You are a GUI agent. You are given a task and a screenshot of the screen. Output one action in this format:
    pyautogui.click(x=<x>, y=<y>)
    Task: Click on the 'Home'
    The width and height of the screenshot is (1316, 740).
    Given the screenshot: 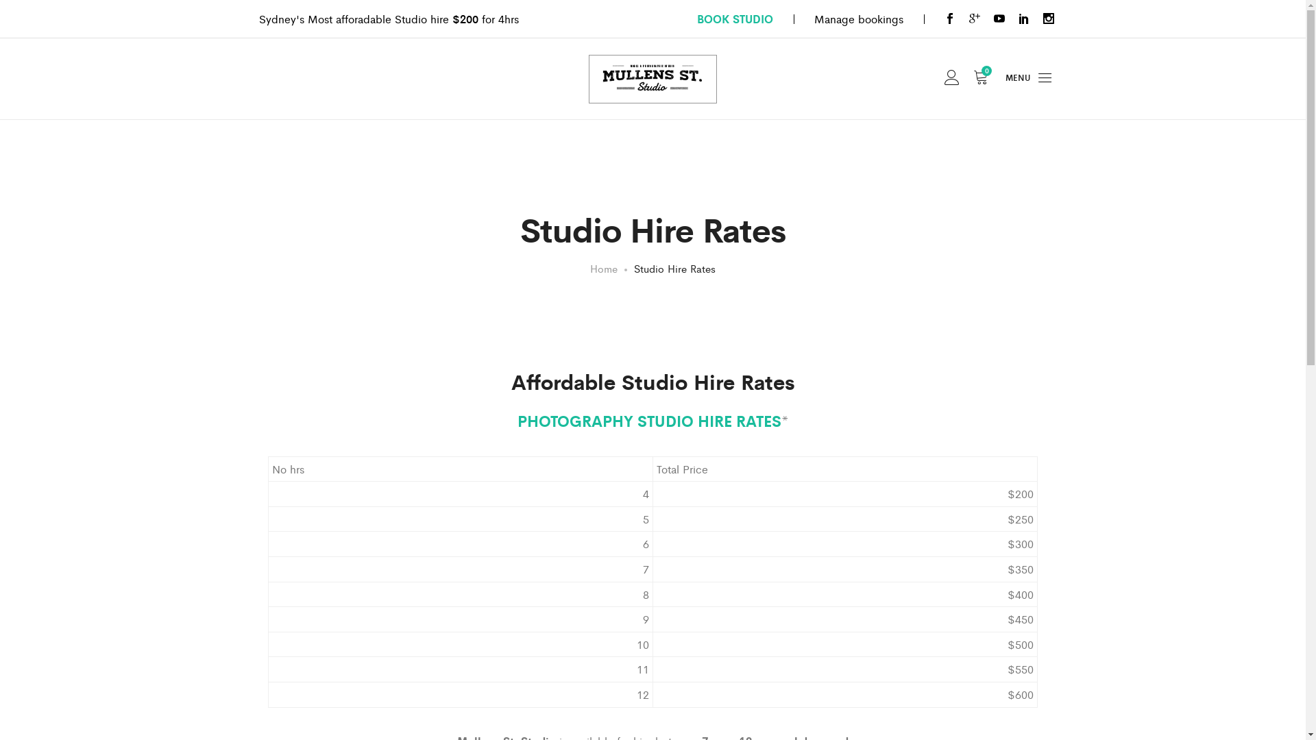 What is the action you would take?
    pyautogui.click(x=603, y=268)
    